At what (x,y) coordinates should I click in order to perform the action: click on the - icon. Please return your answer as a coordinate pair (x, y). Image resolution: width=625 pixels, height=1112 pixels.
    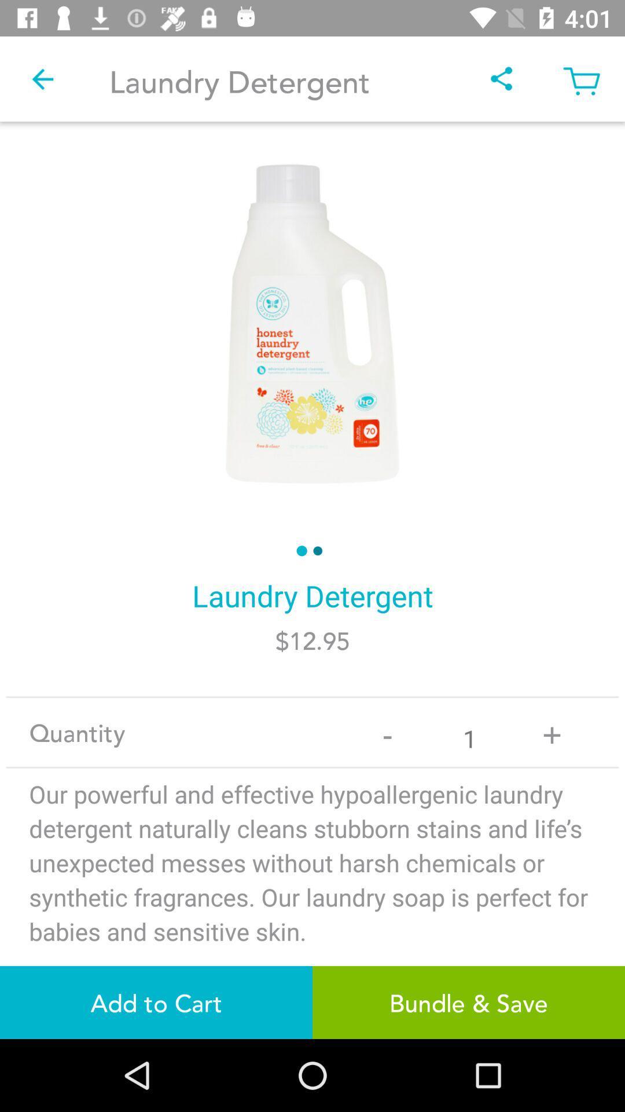
    Looking at the image, I should click on (387, 731).